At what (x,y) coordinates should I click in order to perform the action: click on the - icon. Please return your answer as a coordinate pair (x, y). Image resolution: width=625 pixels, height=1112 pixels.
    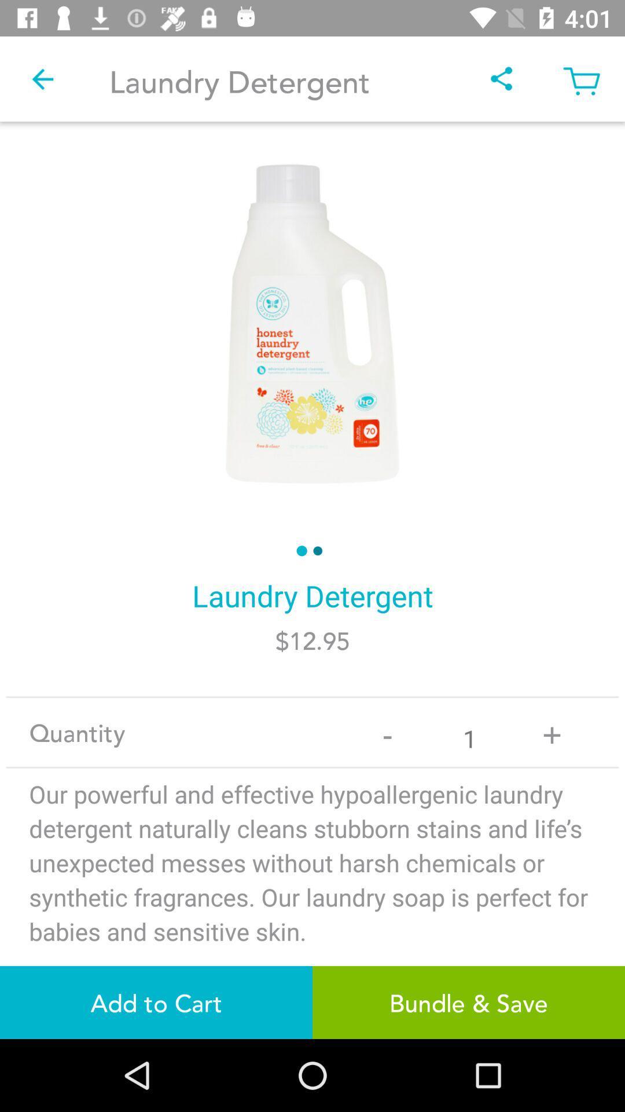
    Looking at the image, I should click on (387, 731).